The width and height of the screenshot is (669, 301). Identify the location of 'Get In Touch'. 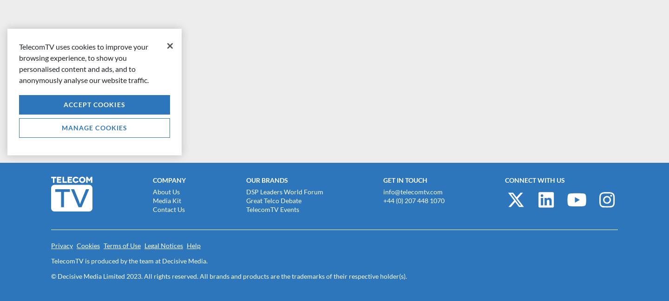
(383, 180).